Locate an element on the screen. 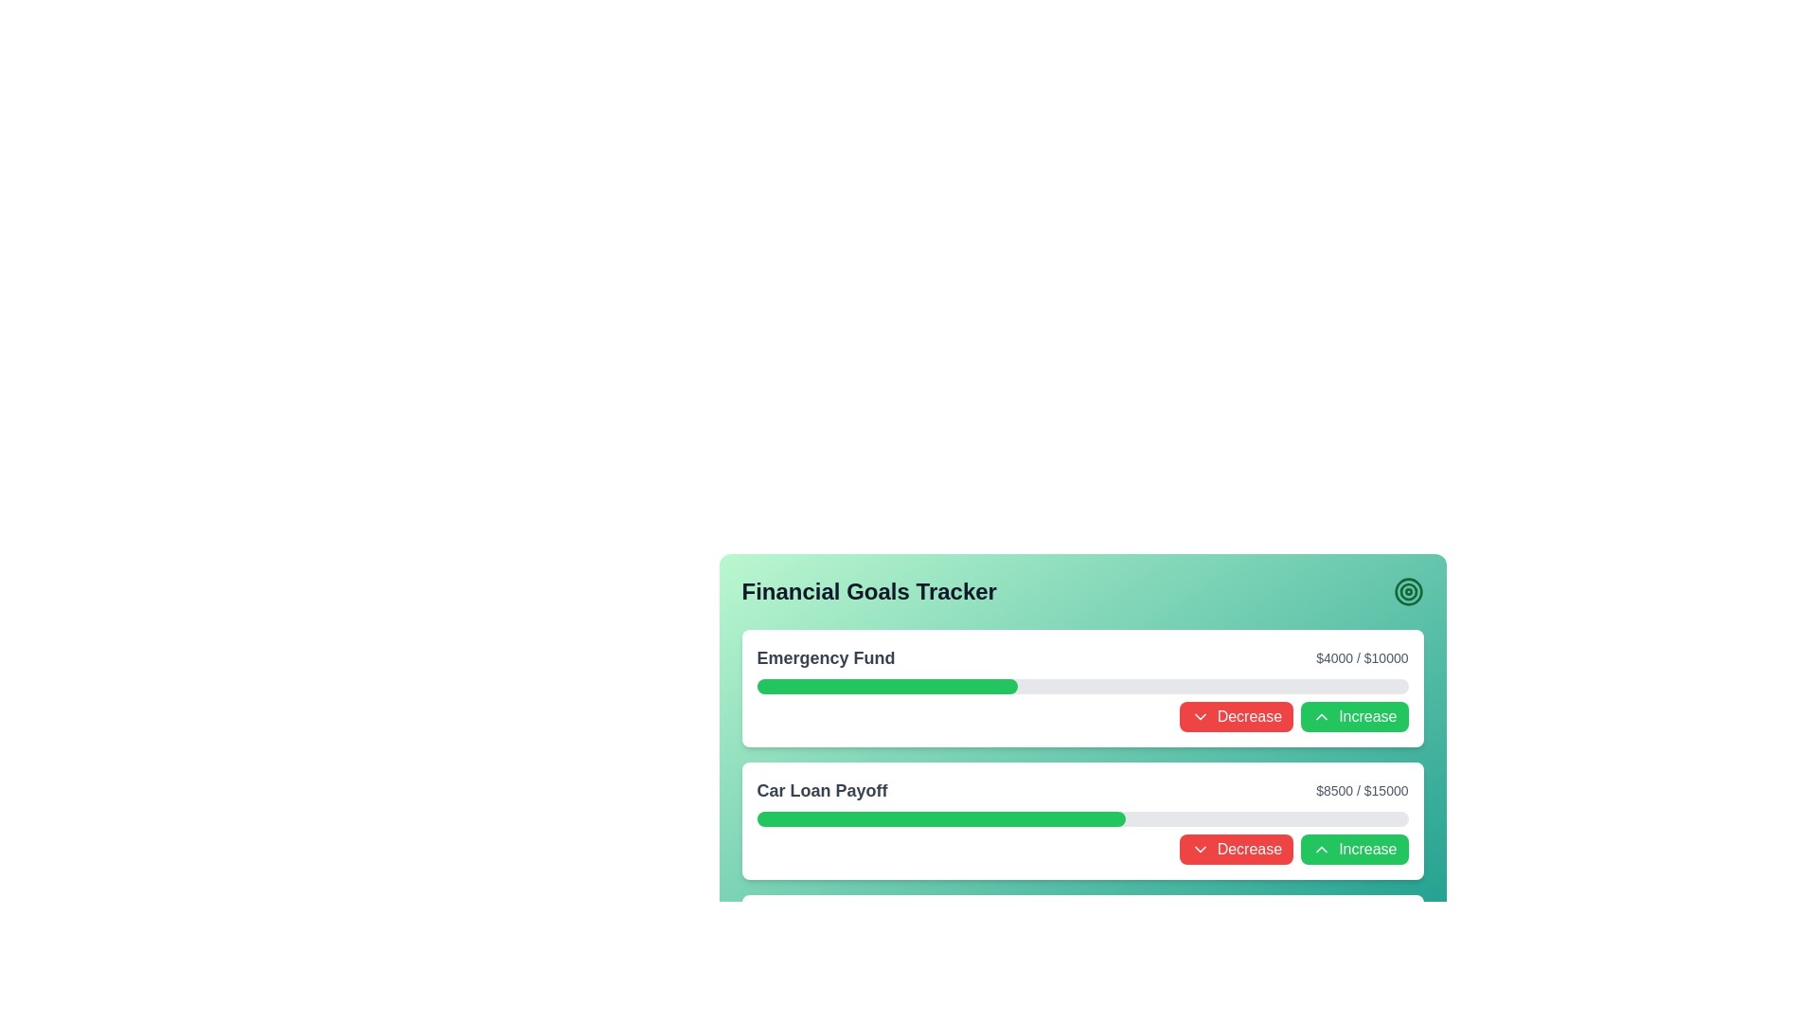 The image size is (1818, 1023). the horizontal progress bar with a gray background and a green indicator filling approximately 40%, located below the text 'Emergency Fund $4000 / $10000' and above the buttons labeled 'Decrease' and 'Increase' is located at coordinates (1082, 687).